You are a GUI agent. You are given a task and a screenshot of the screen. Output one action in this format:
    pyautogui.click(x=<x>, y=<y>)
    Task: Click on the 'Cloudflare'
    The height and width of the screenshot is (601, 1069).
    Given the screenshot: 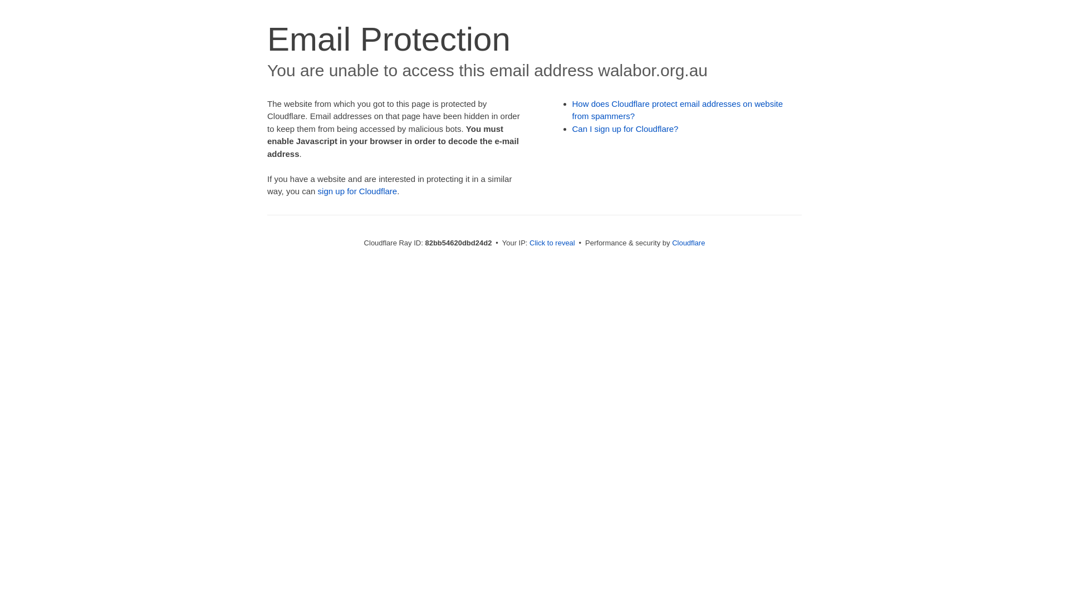 What is the action you would take?
    pyautogui.click(x=688, y=242)
    